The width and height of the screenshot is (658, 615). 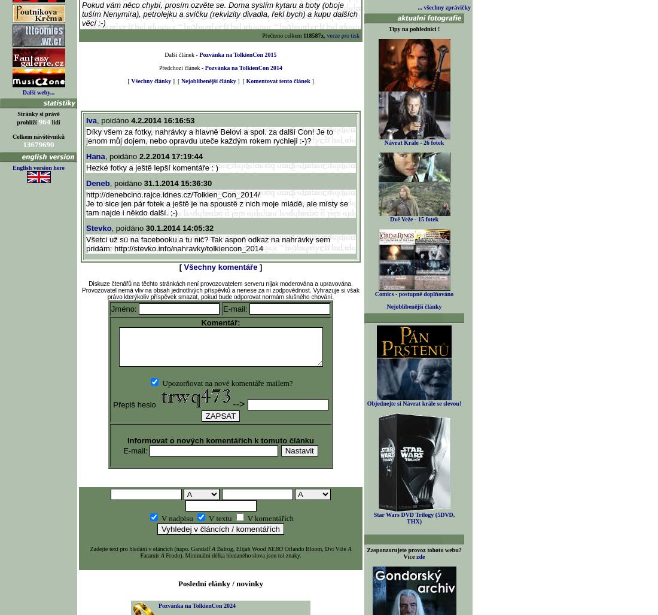 What do you see at coordinates (178, 227) in the screenshot?
I see `'30.1.2014 14:05:32'` at bounding box center [178, 227].